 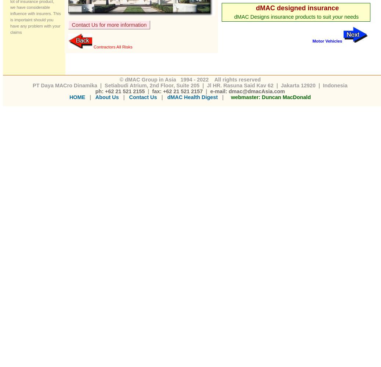 What do you see at coordinates (233, 17) in the screenshot?
I see `'dMAC Designs insurance products to suit'` at bounding box center [233, 17].